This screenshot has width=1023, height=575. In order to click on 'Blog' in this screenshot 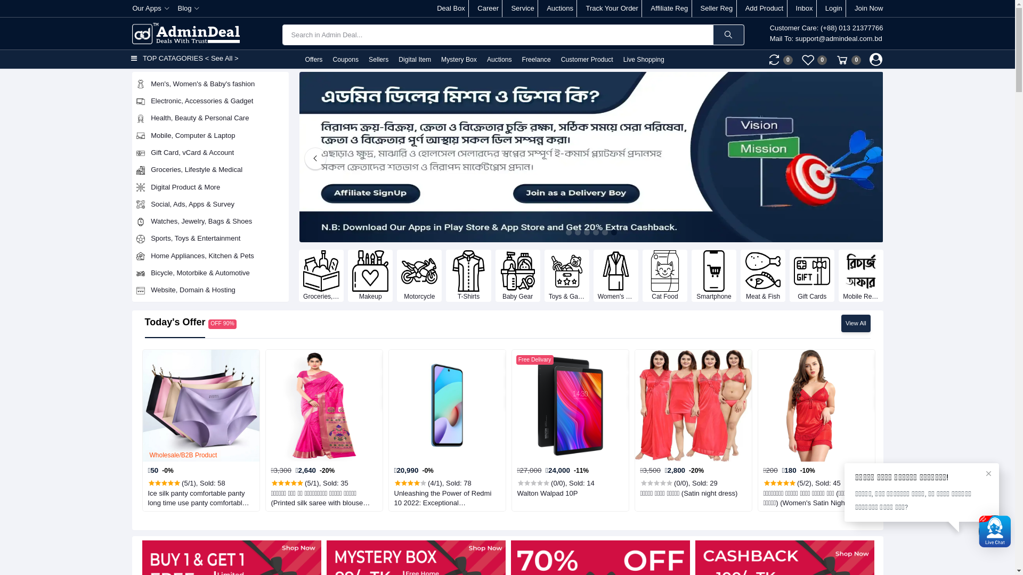, I will do `click(189, 8)`.